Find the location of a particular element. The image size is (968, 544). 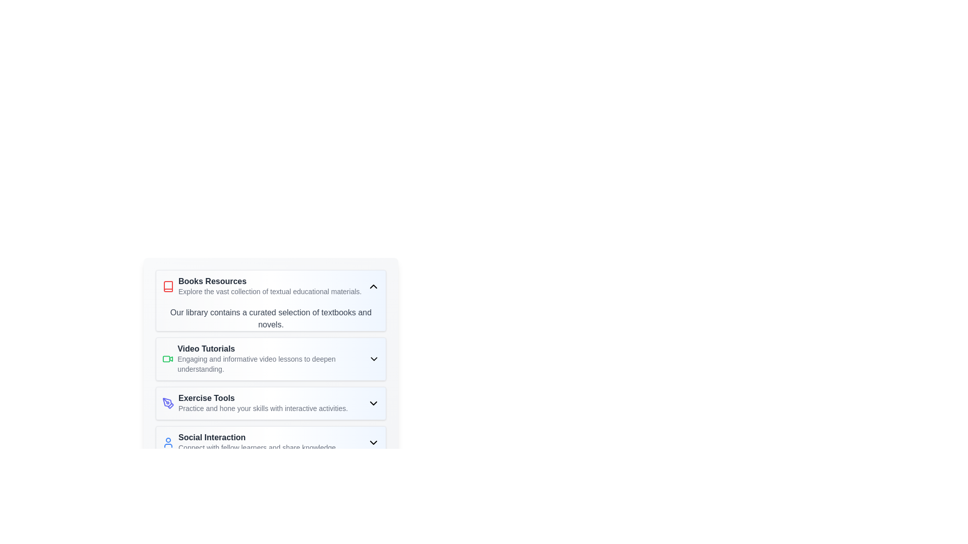

the collapsible panel header that provides access to video tutorials is located at coordinates (271, 359).